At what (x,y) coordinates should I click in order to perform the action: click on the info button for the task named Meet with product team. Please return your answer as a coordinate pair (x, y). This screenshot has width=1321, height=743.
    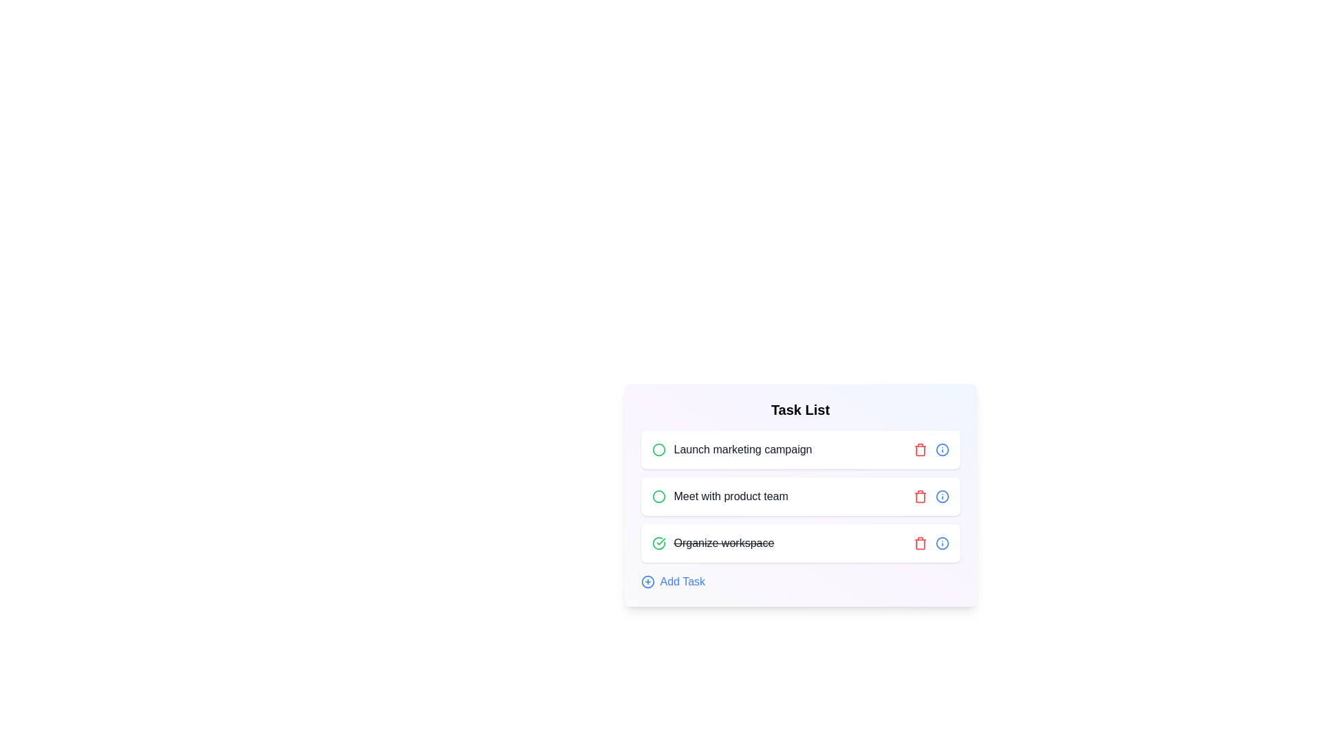
    Looking at the image, I should click on (941, 496).